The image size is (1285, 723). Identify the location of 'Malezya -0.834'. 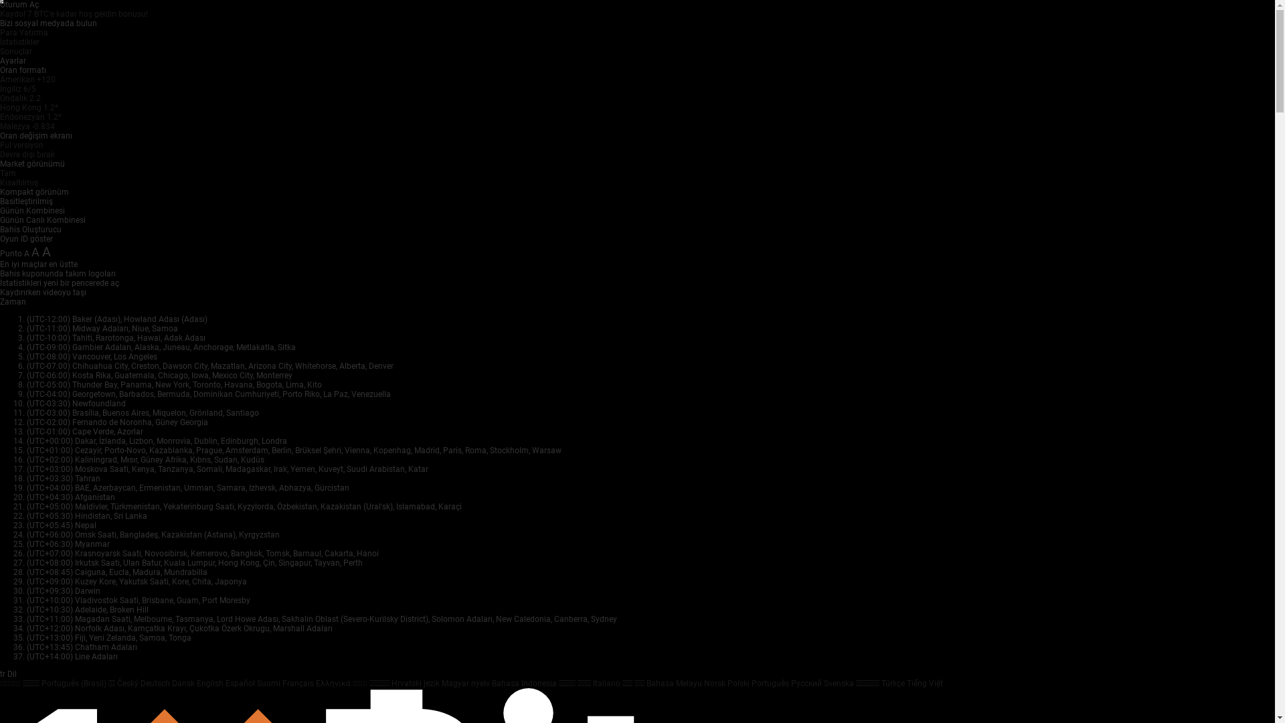
(27, 127).